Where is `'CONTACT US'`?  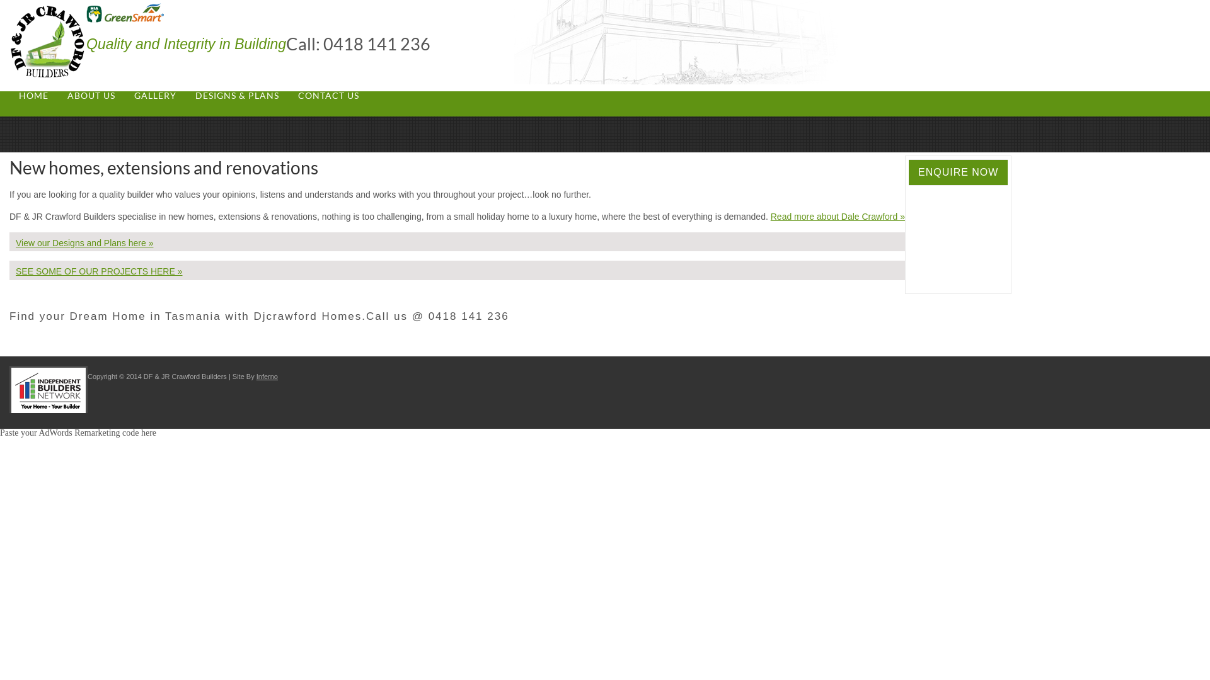
'CONTACT US' is located at coordinates (328, 94).